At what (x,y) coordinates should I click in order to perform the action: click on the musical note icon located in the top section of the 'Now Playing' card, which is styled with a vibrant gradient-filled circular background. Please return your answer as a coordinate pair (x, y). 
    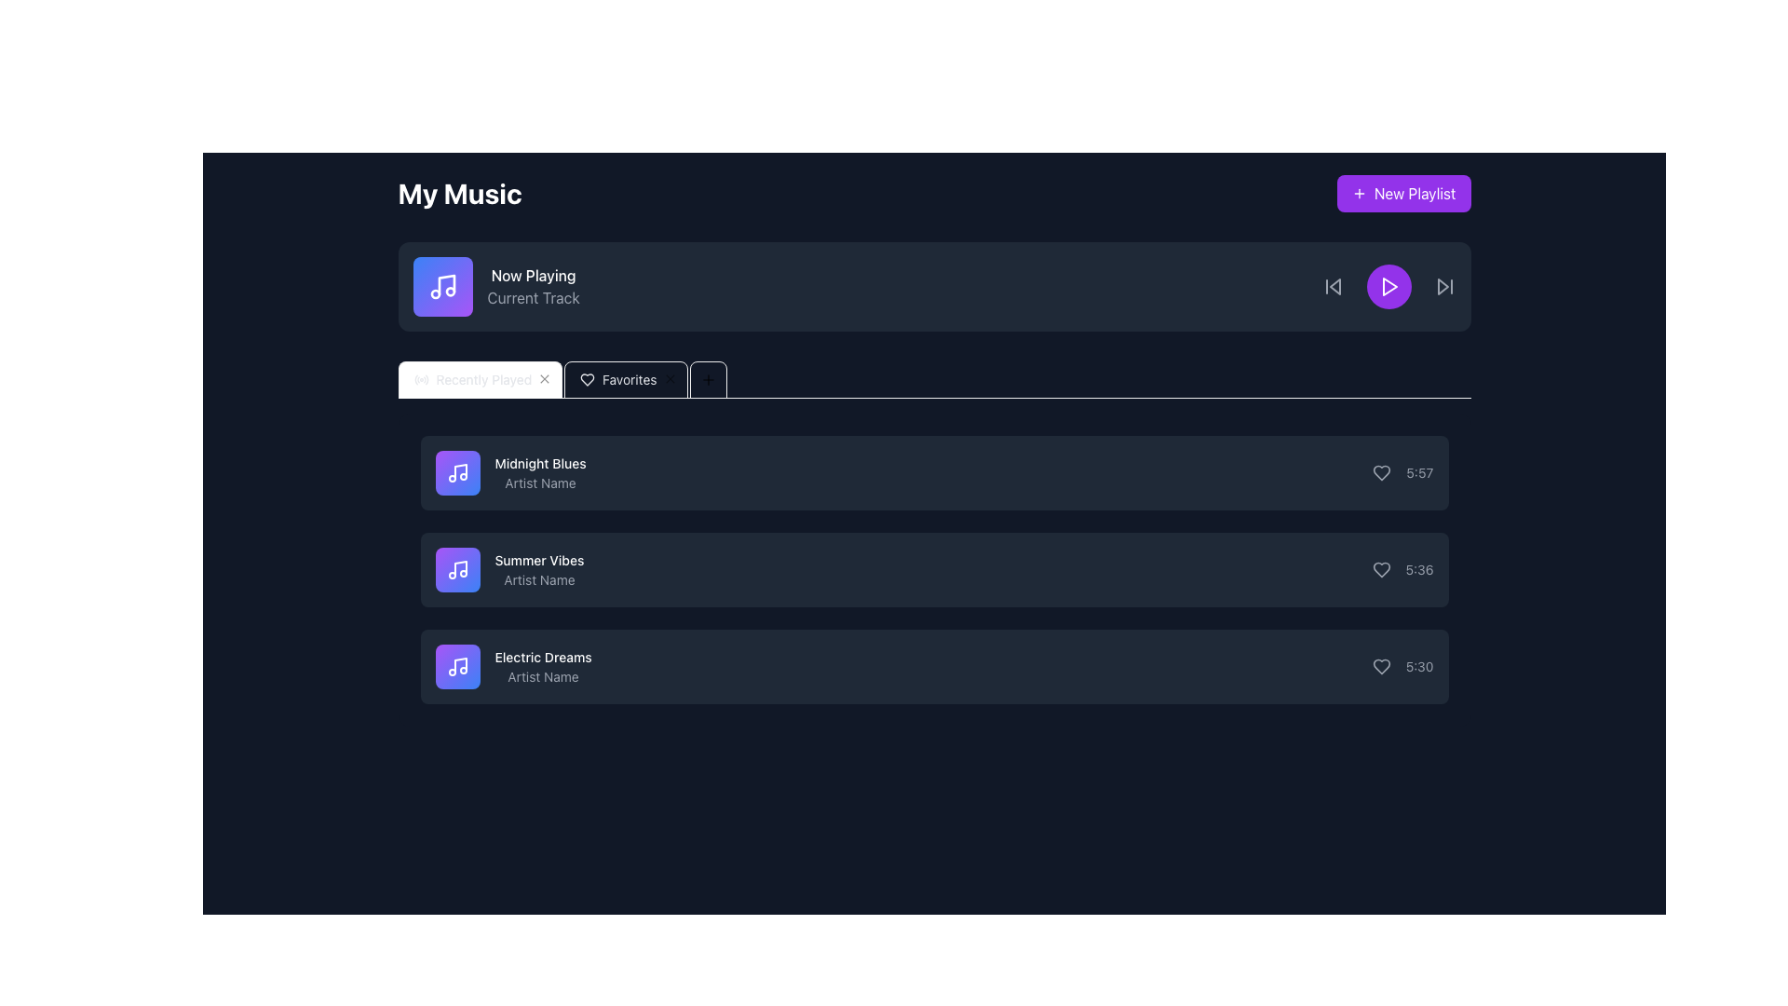
    Looking at the image, I should click on (457, 569).